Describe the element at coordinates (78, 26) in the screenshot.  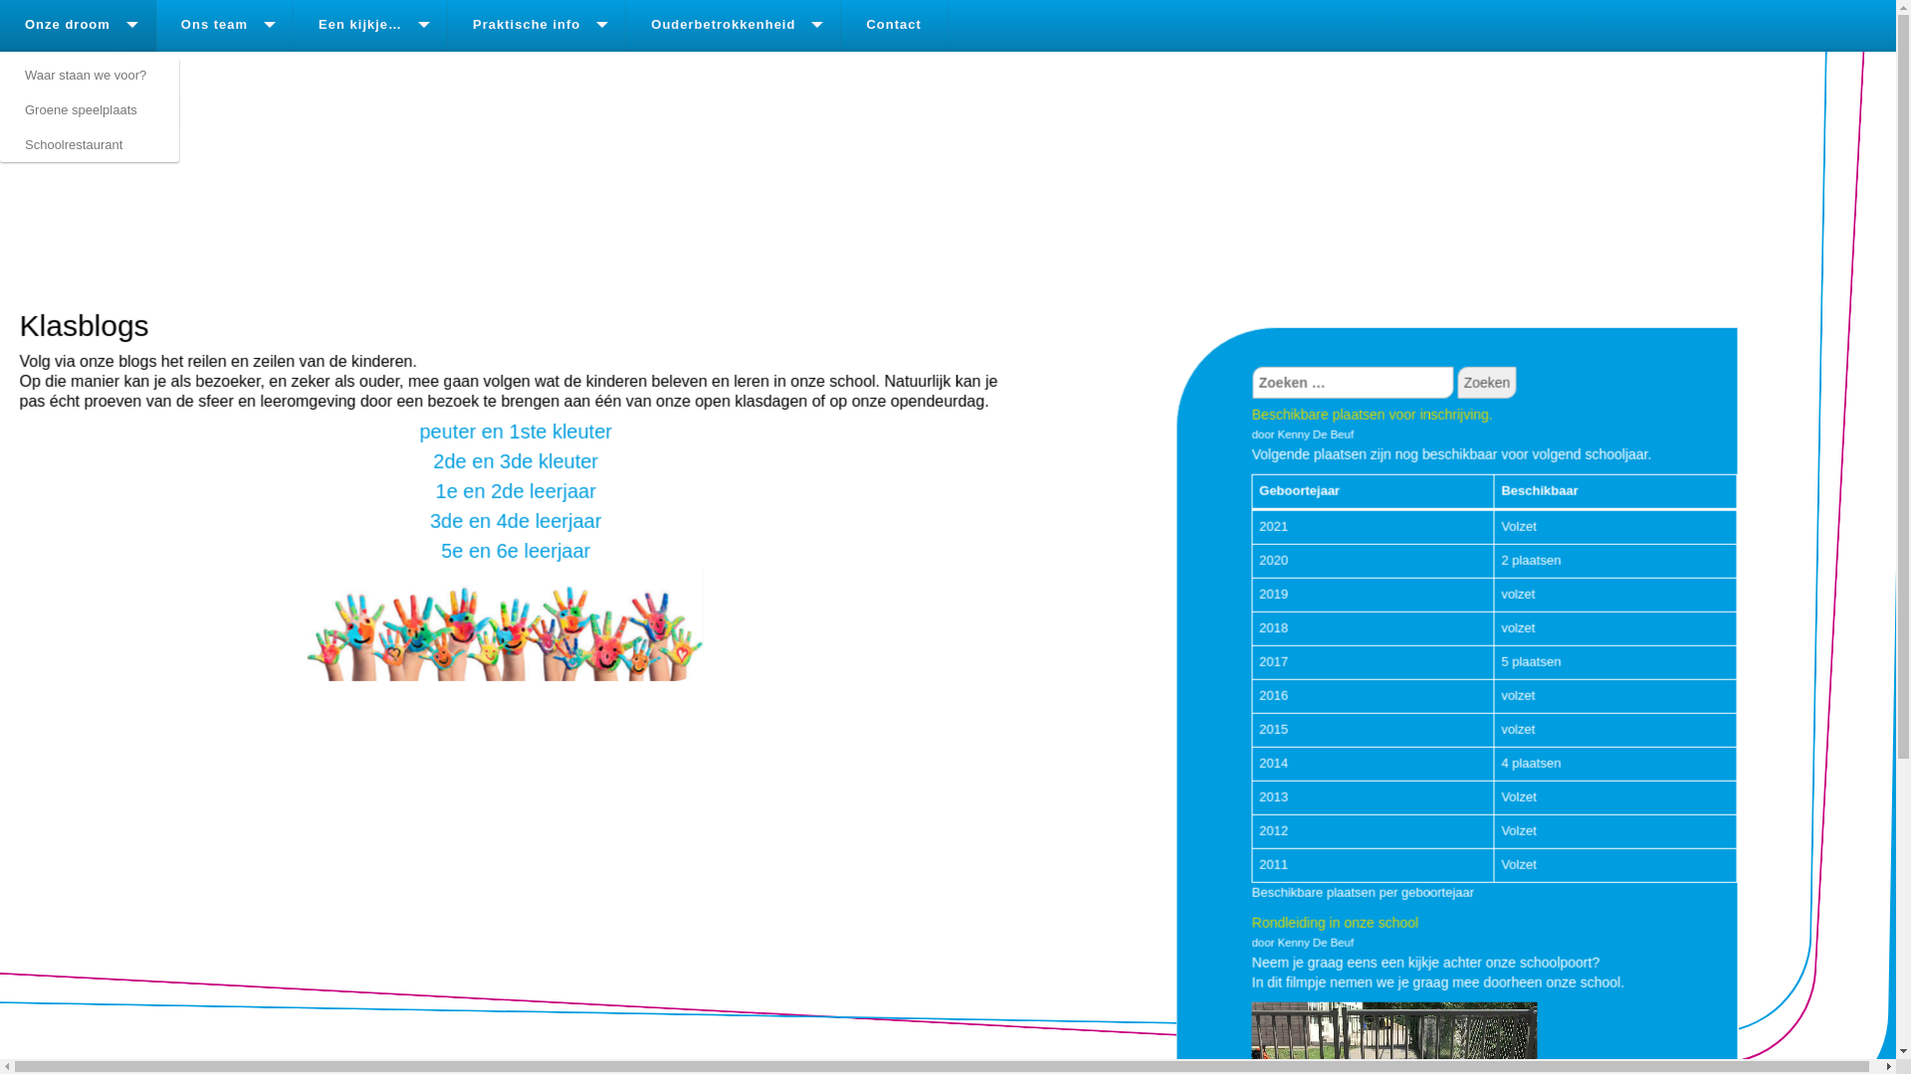
I see `'Onze droom'` at that location.